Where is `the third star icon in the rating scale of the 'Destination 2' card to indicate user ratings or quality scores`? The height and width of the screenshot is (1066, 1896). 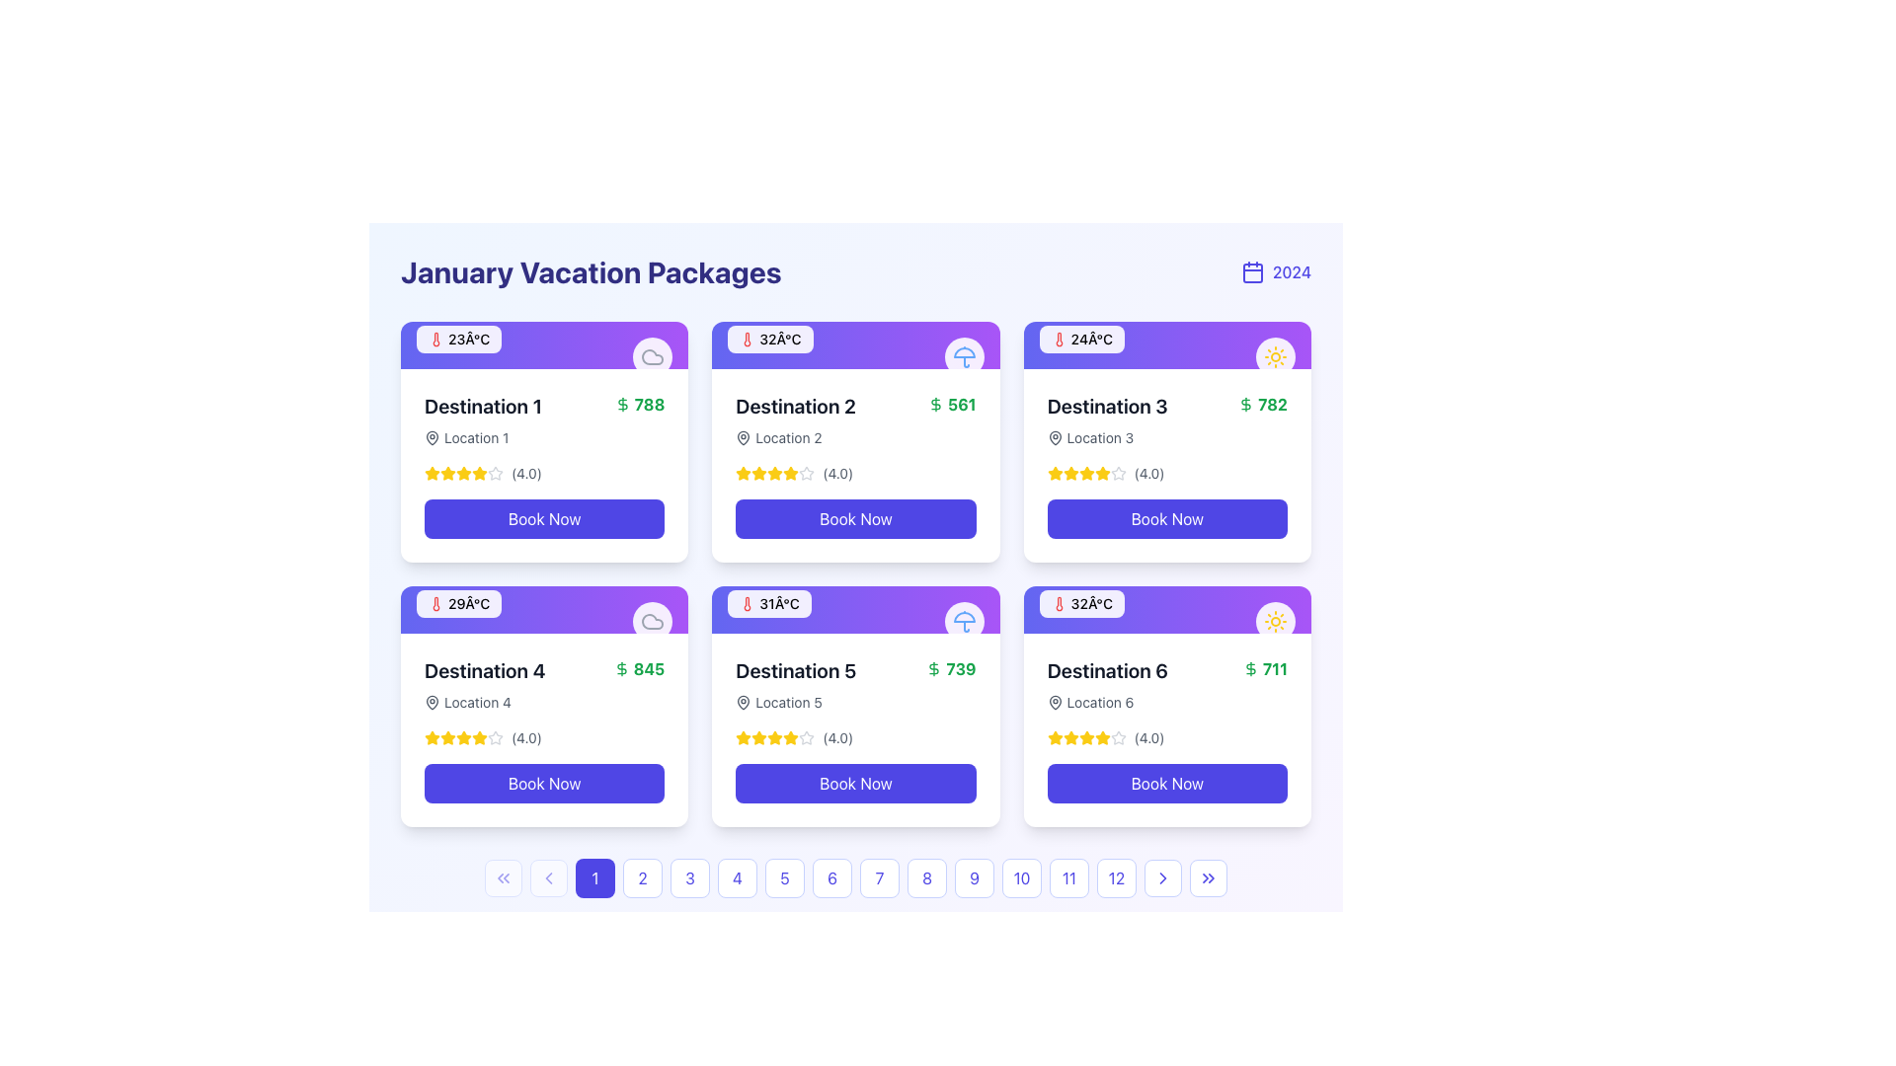
the third star icon in the rating scale of the 'Destination 2' card to indicate user ratings or quality scores is located at coordinates (758, 473).